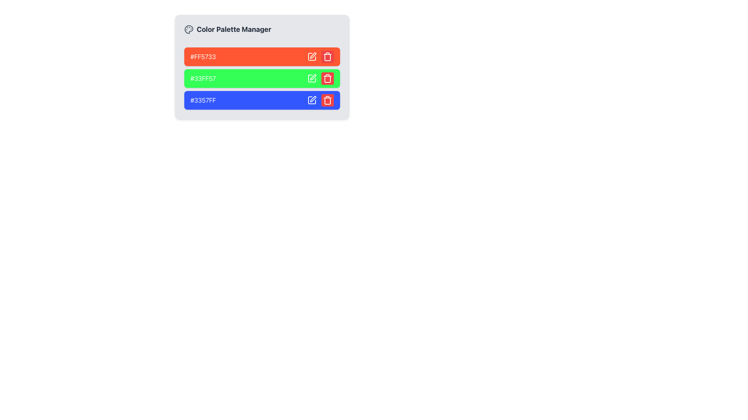 The height and width of the screenshot is (420, 748). Describe the element at coordinates (189, 29) in the screenshot. I see `the decorative icon representing the 'Color Palette Manager' section, located to the left of the text in the header` at that location.